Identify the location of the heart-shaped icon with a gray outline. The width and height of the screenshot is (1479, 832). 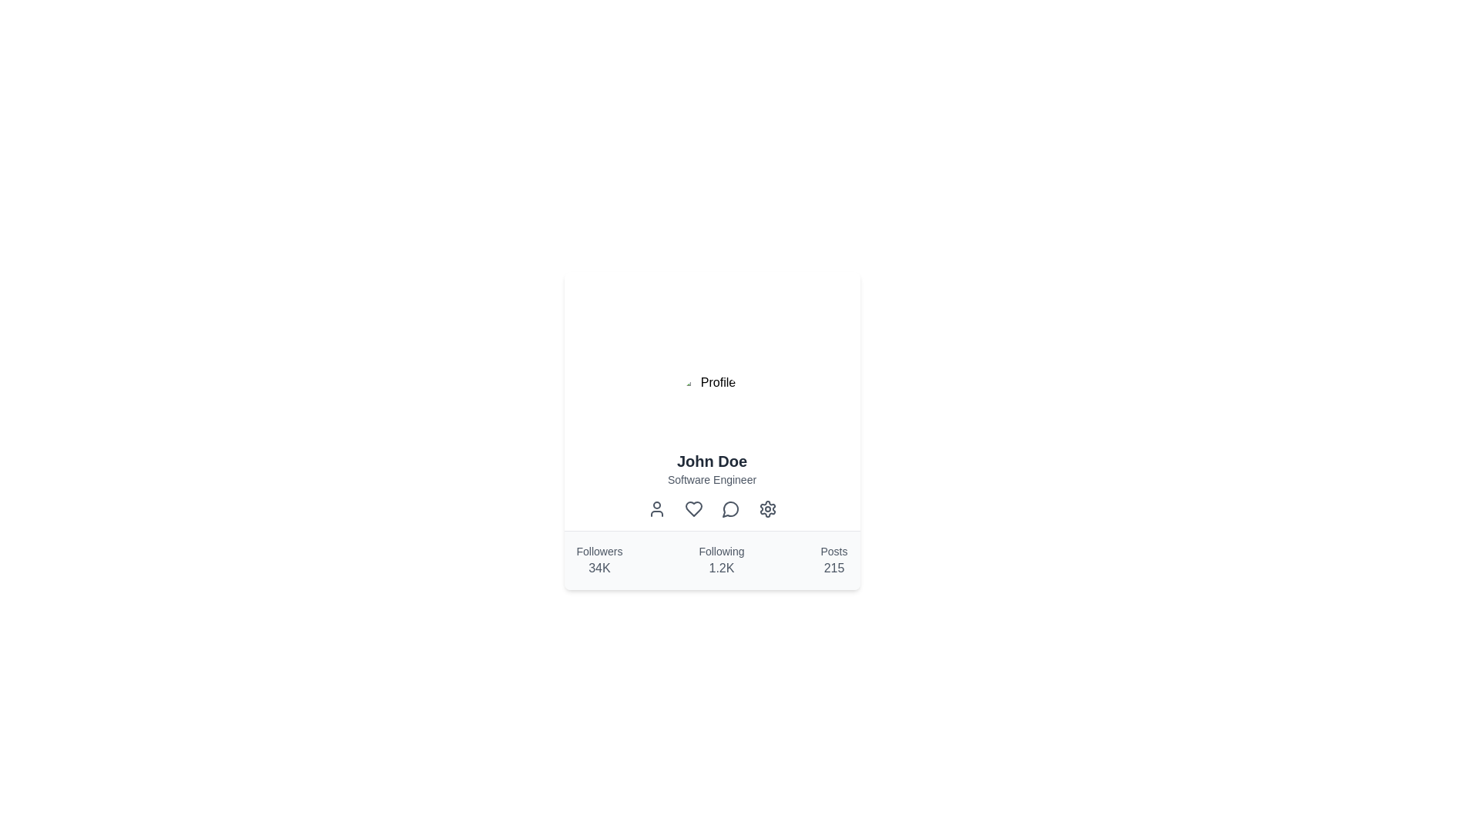
(693, 508).